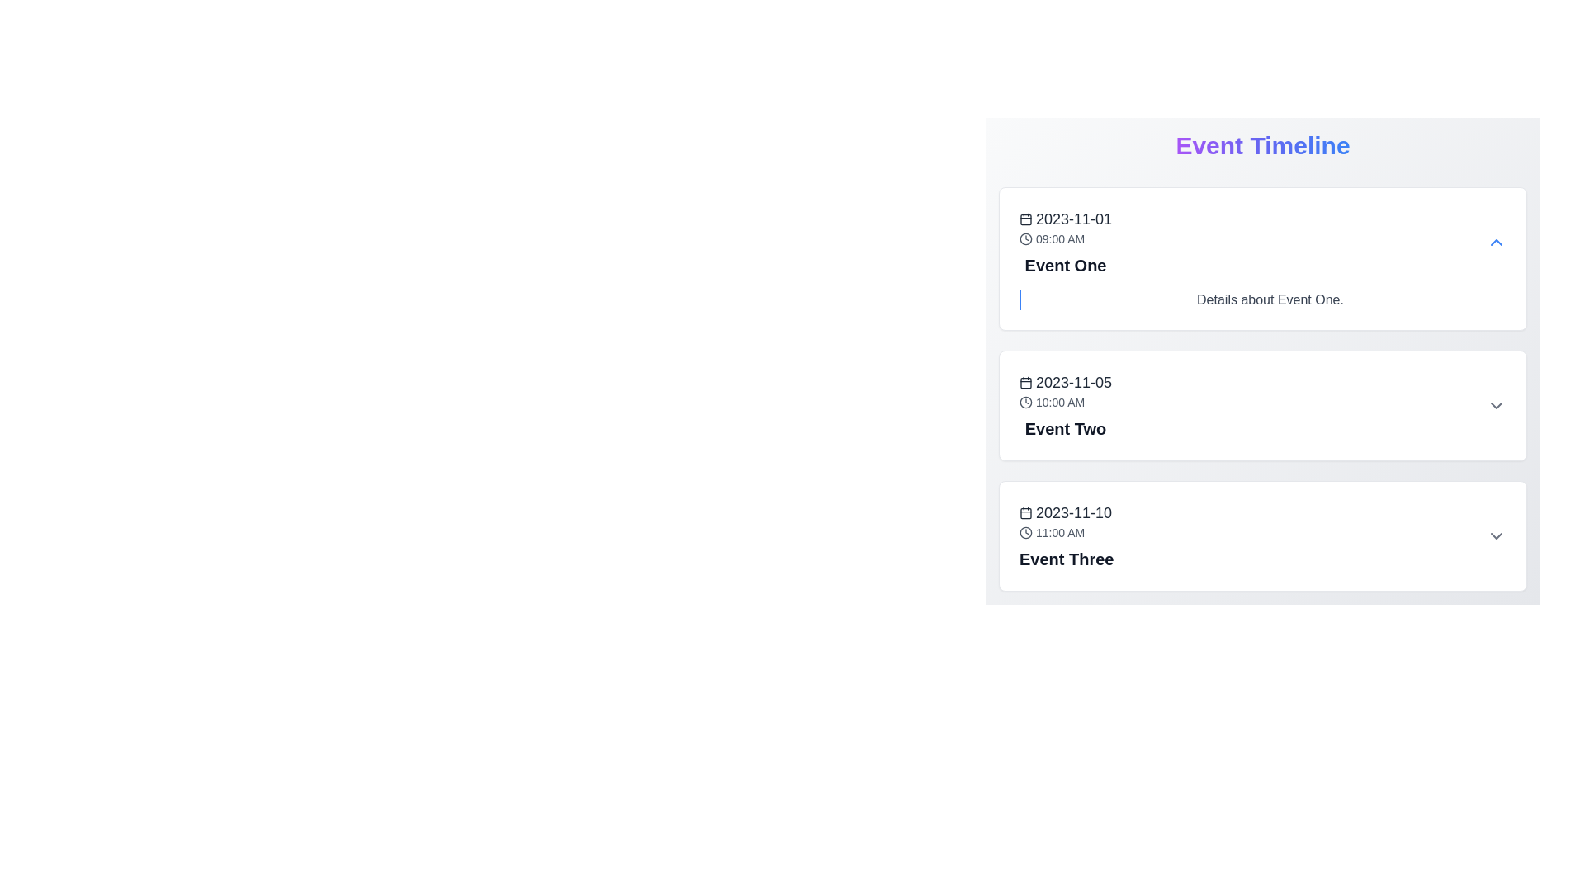  Describe the element at coordinates (1497, 242) in the screenshot. I see `the upward-pointing blue chevron icon located in the upper-right corner of the 'Event One' card in the event timeline view` at that location.